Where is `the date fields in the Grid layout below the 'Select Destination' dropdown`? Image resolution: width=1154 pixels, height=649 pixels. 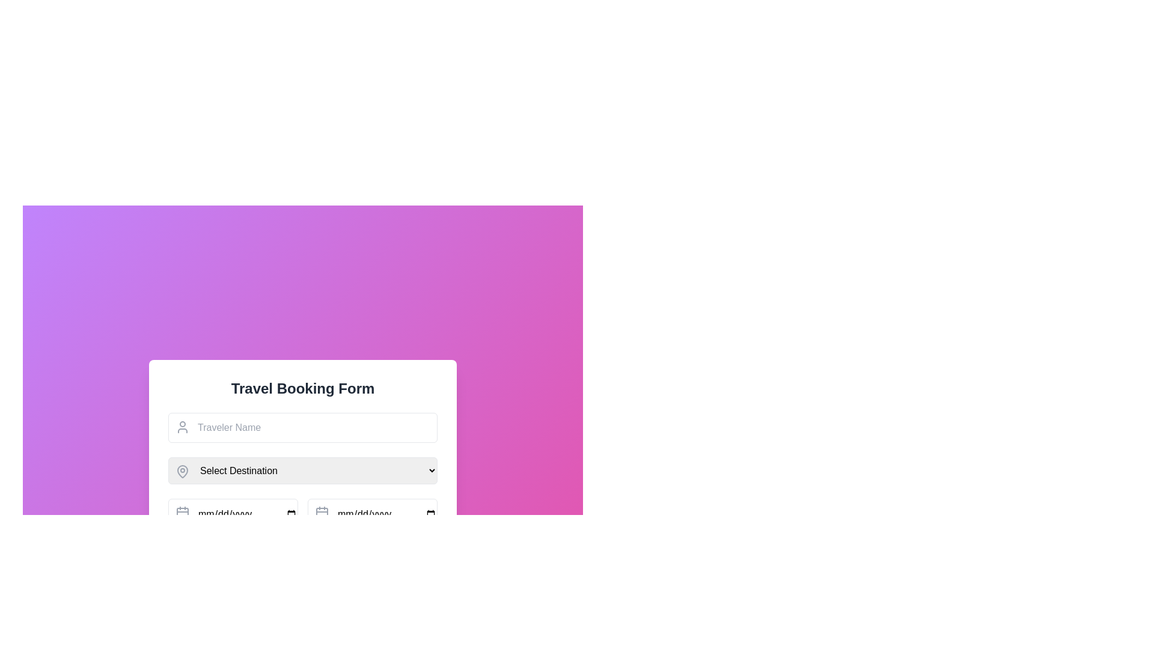
the date fields in the Grid layout below the 'Select Destination' dropdown is located at coordinates (303, 514).